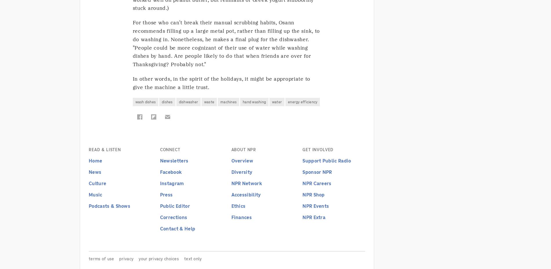 The image size is (551, 269). I want to click on 'Your Privacy Choices', so click(159, 259).